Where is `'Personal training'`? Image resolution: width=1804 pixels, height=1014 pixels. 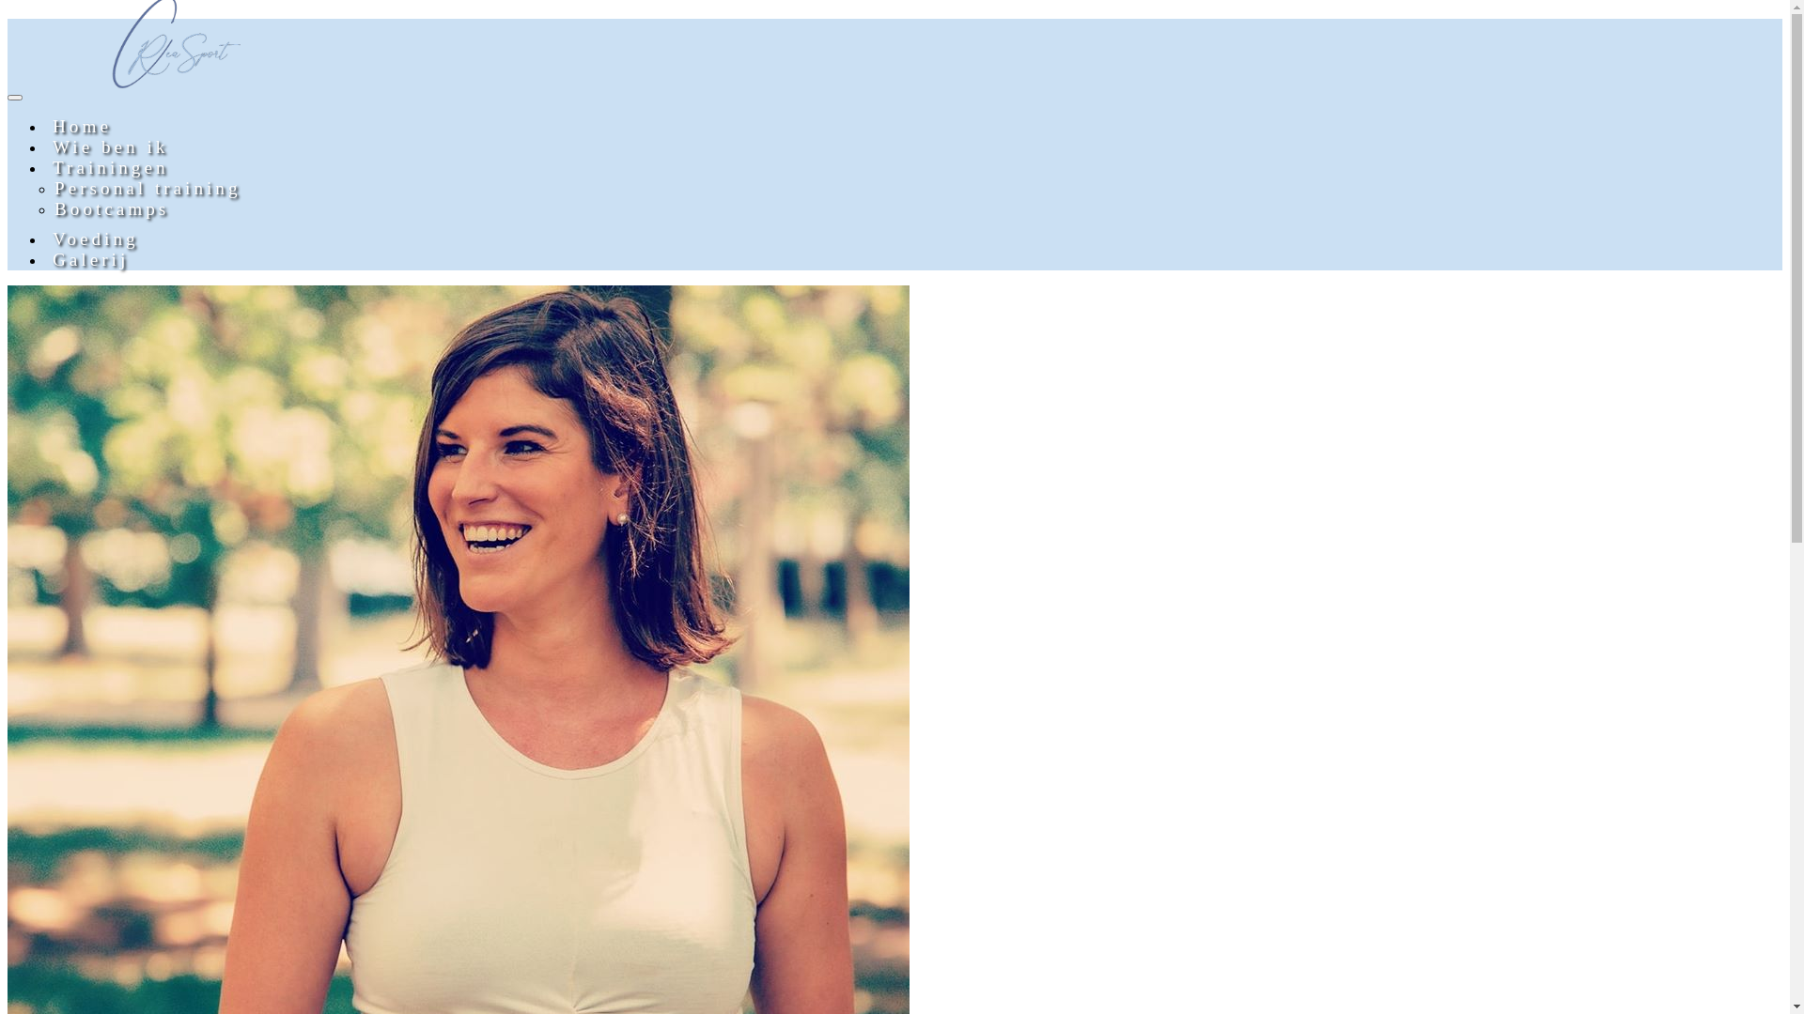
'Personal training' is located at coordinates (147, 188).